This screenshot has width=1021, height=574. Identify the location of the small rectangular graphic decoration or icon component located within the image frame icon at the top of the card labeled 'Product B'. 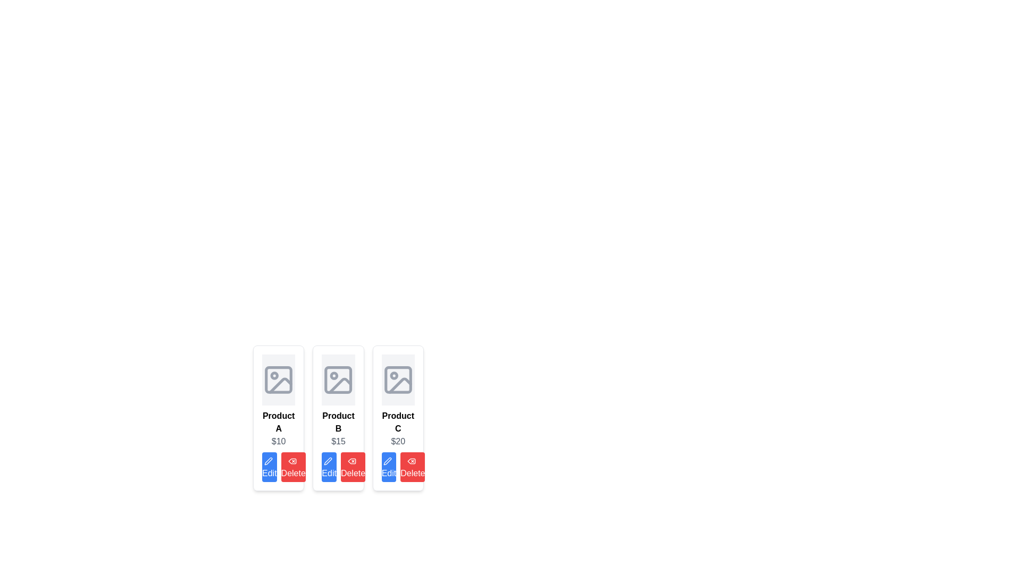
(338, 379).